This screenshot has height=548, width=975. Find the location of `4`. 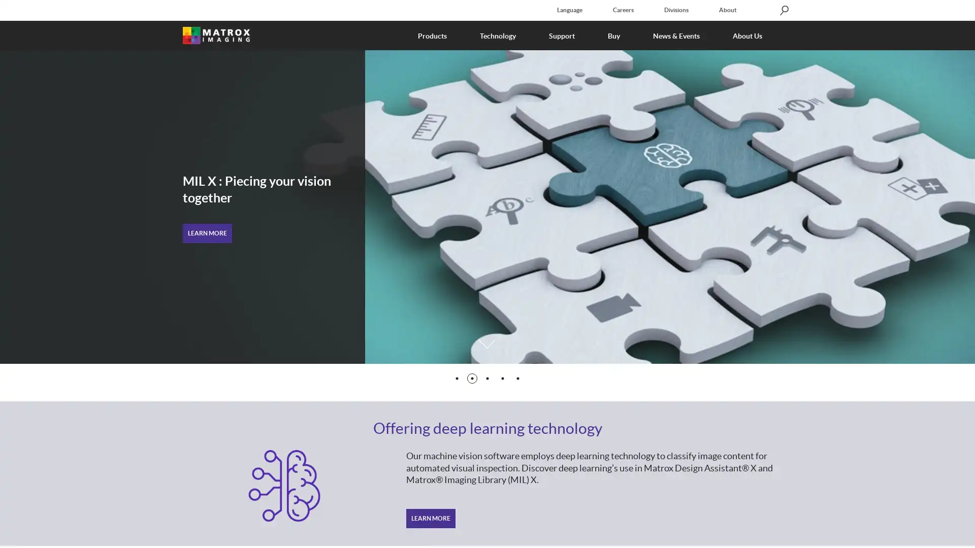

4 is located at coordinates (502, 378).